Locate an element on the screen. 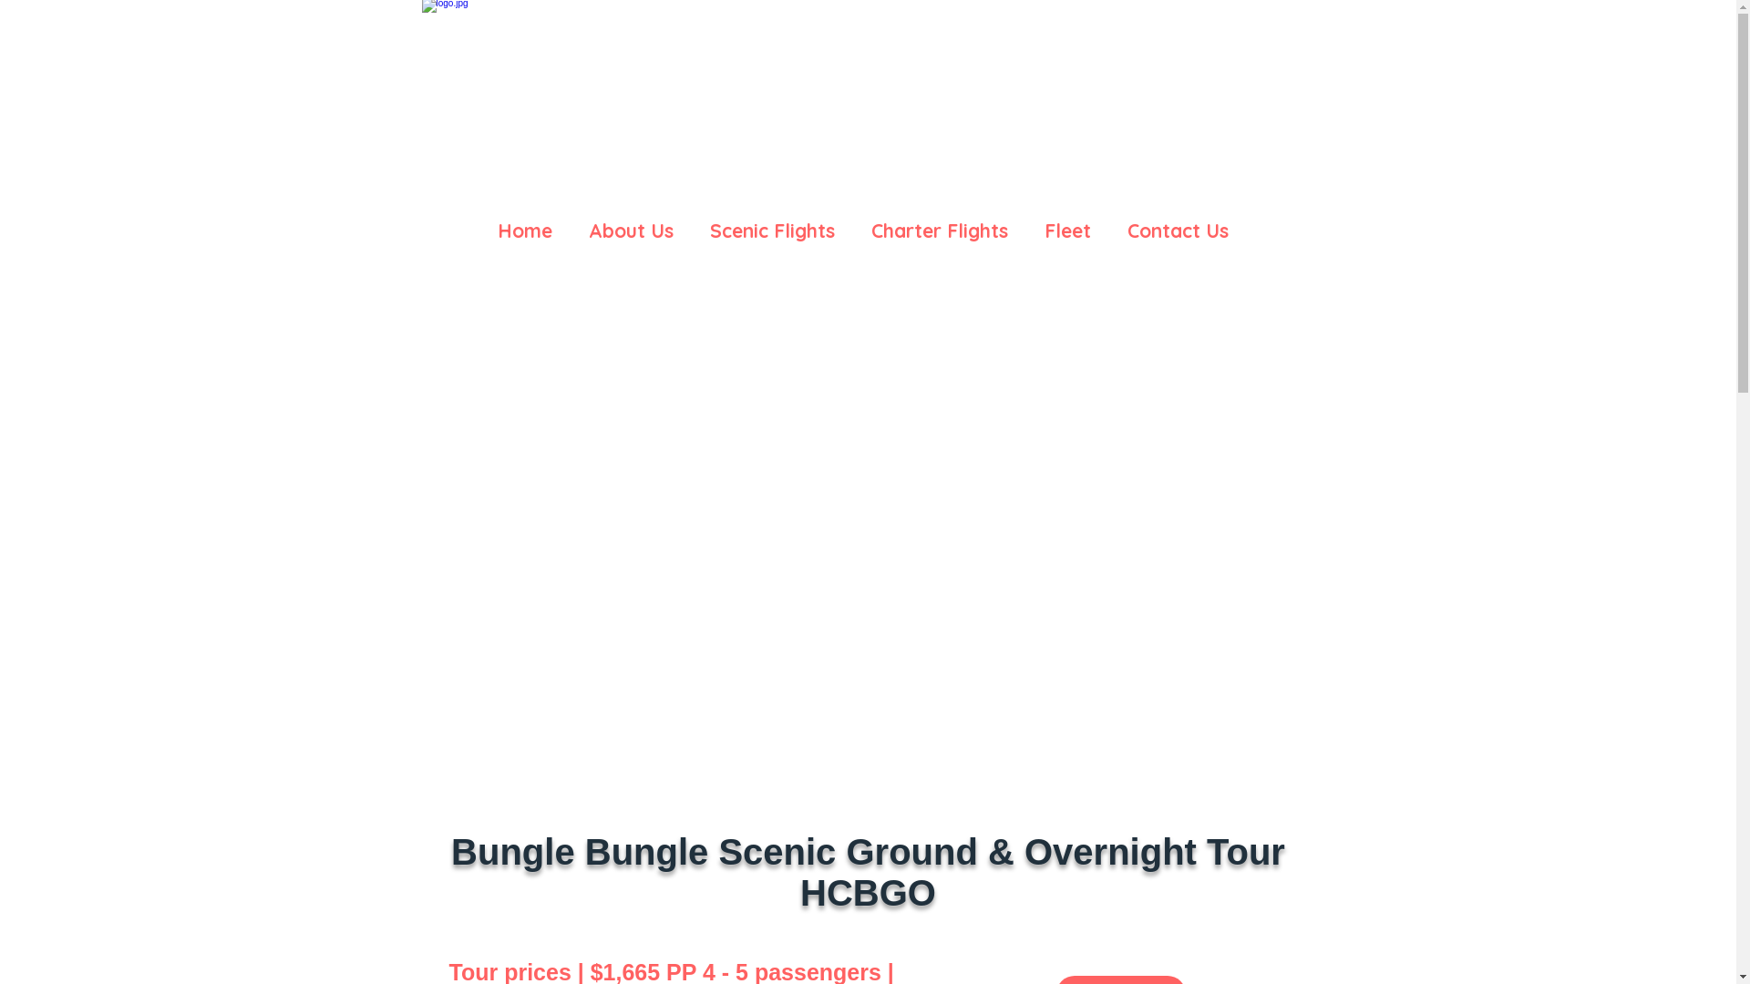 This screenshot has width=1750, height=984. 'Home' is located at coordinates (524, 220).